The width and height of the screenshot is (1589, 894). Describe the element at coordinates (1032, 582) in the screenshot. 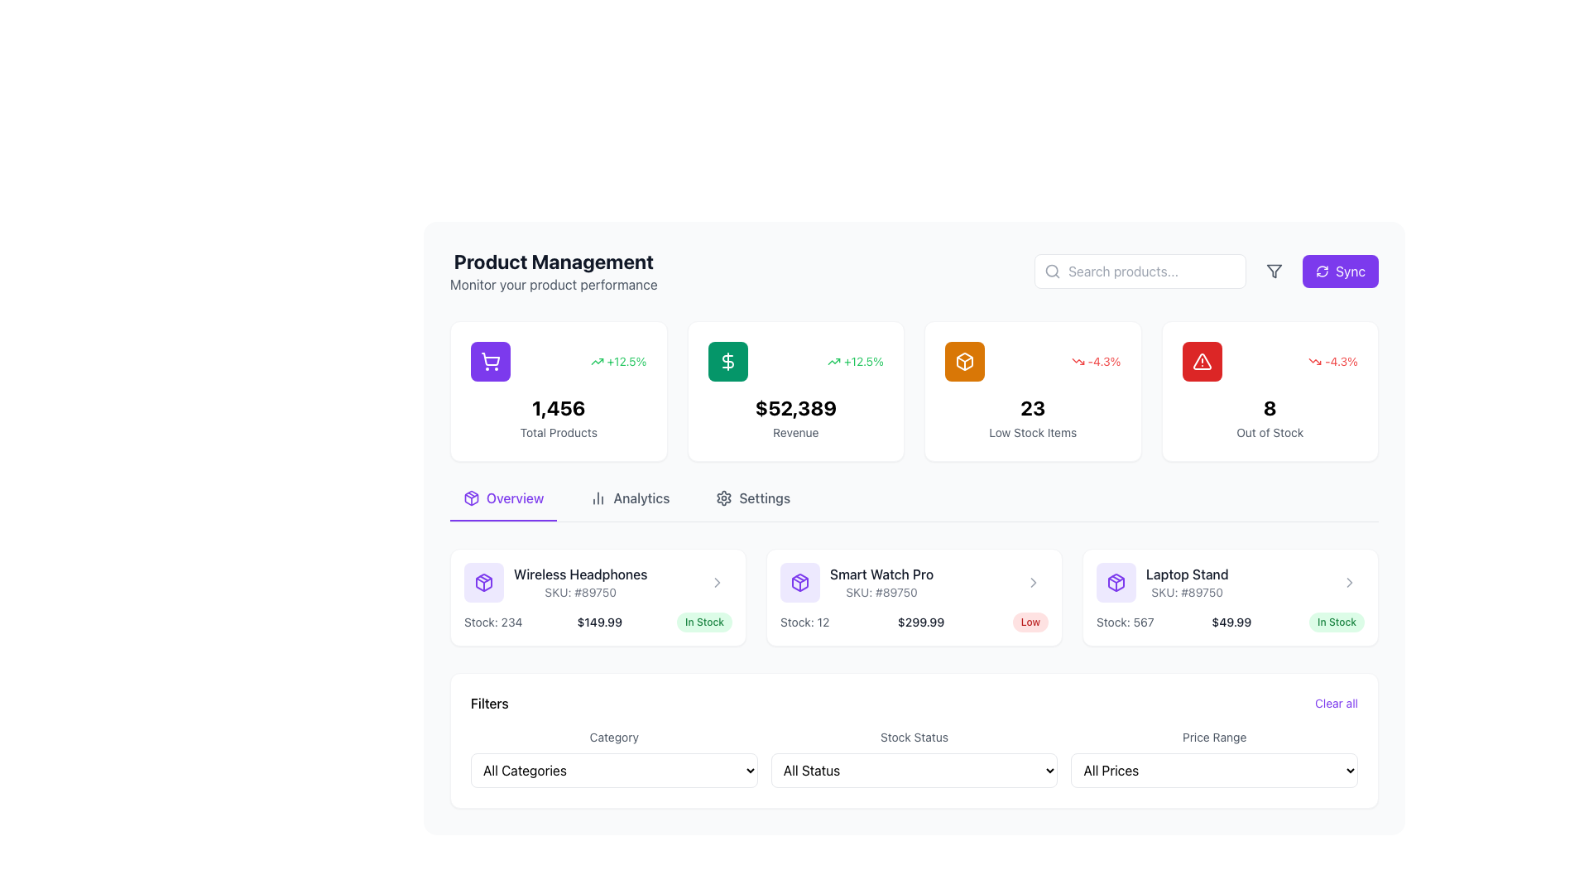

I see `the rightward-pointing chevron icon button styled in gray, located within the 'Smart Watch Pro' product card` at that location.